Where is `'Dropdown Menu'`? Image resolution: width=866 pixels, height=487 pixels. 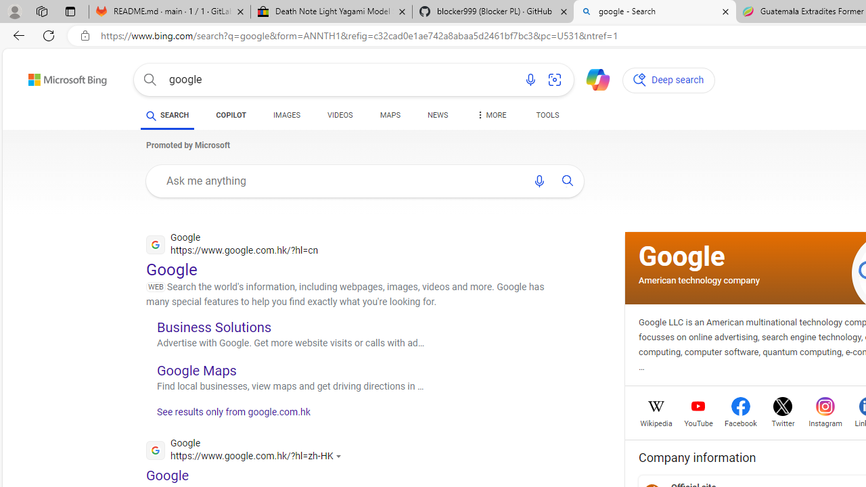 'Dropdown Menu' is located at coordinates (490, 115).